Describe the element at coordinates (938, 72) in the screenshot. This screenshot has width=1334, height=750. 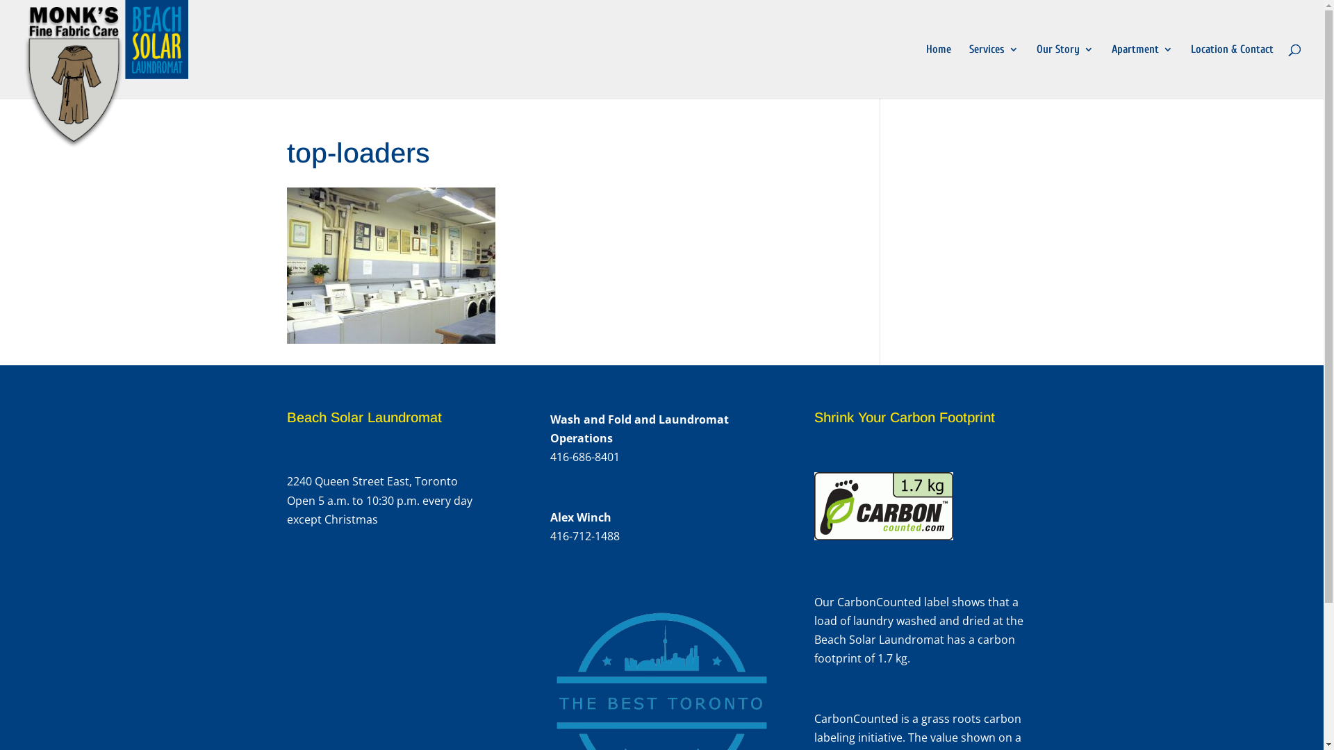
I see `'Home'` at that location.